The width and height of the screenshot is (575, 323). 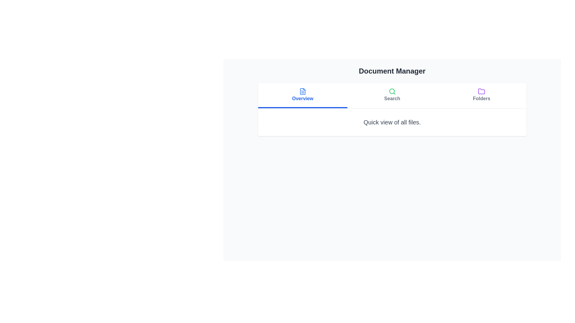 What do you see at coordinates (392, 95) in the screenshot?
I see `the 'Search' tab in the navigation bar, which features a green magnifying glass icon and is centrally positioned between 'Overview' and 'Folders'` at bounding box center [392, 95].